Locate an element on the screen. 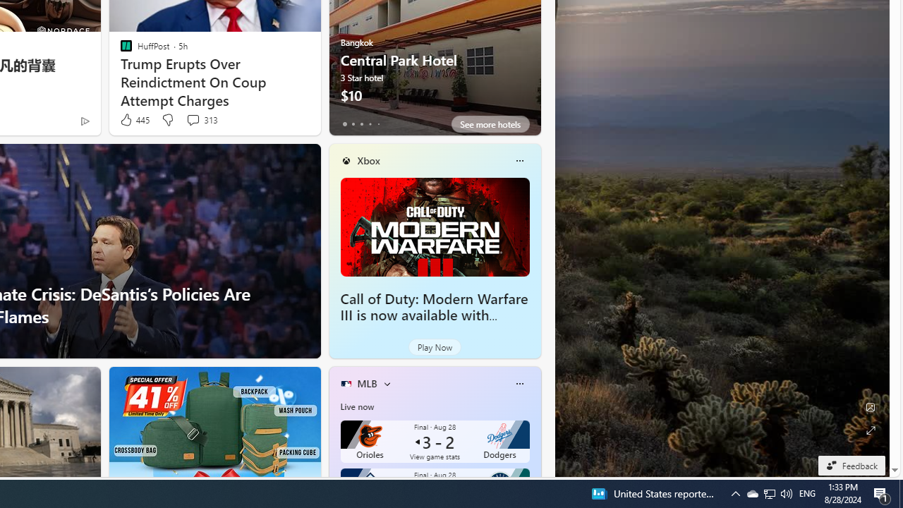  'Edit Background' is located at coordinates (869, 407).